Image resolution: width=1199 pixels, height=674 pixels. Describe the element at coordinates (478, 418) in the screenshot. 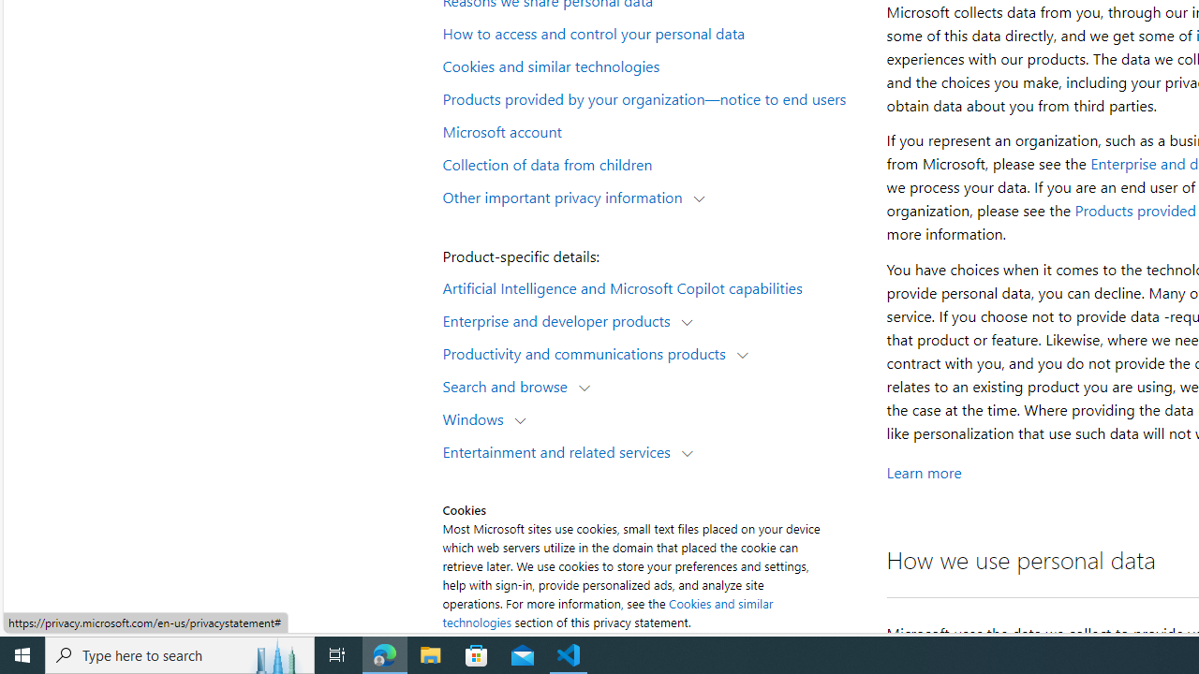

I see `'Windows'` at that location.